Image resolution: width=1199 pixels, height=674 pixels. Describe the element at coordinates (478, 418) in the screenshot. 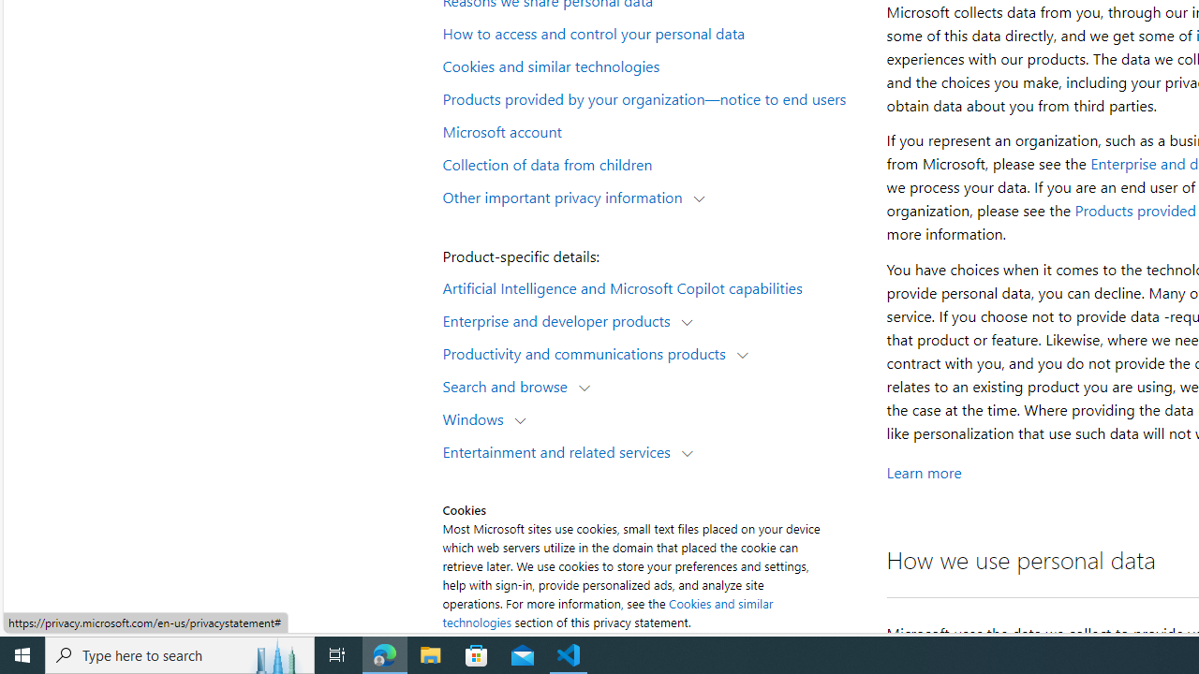

I see `'Windows'` at that location.